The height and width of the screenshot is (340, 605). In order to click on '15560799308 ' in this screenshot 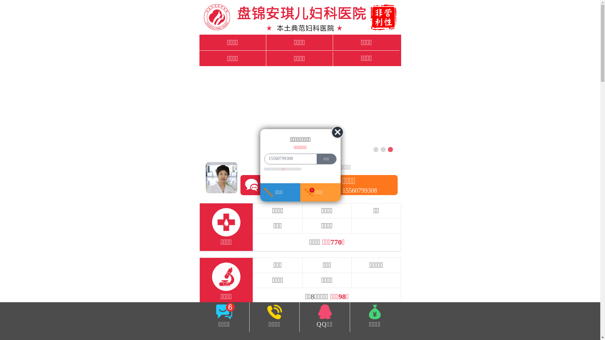, I will do `click(289, 158)`.